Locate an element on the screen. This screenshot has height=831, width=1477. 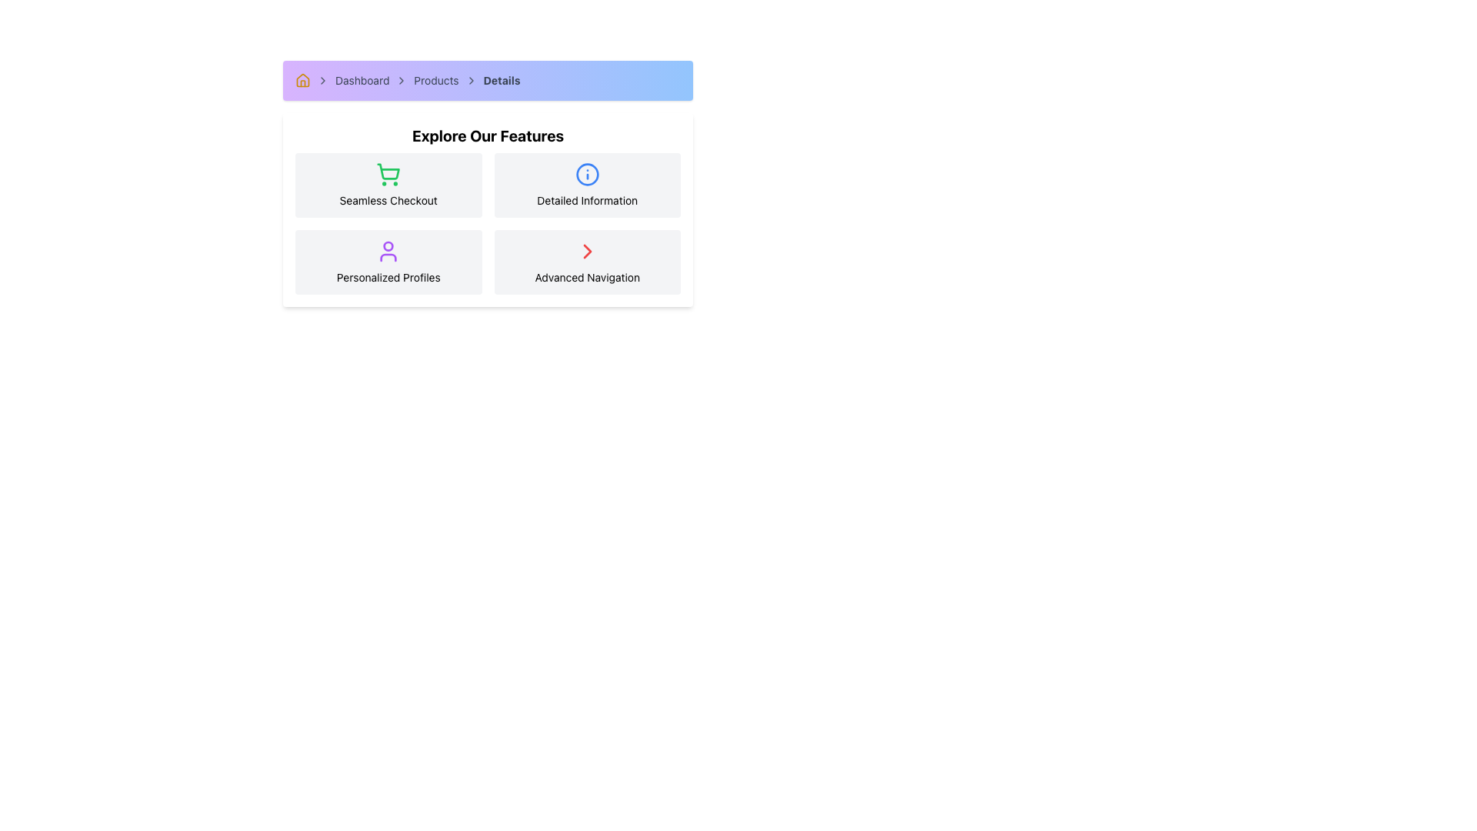
the descriptive text label located at the bottom of the card in the bottom-left quadrant of the 'Explore Our Features' section is located at coordinates (388, 278).